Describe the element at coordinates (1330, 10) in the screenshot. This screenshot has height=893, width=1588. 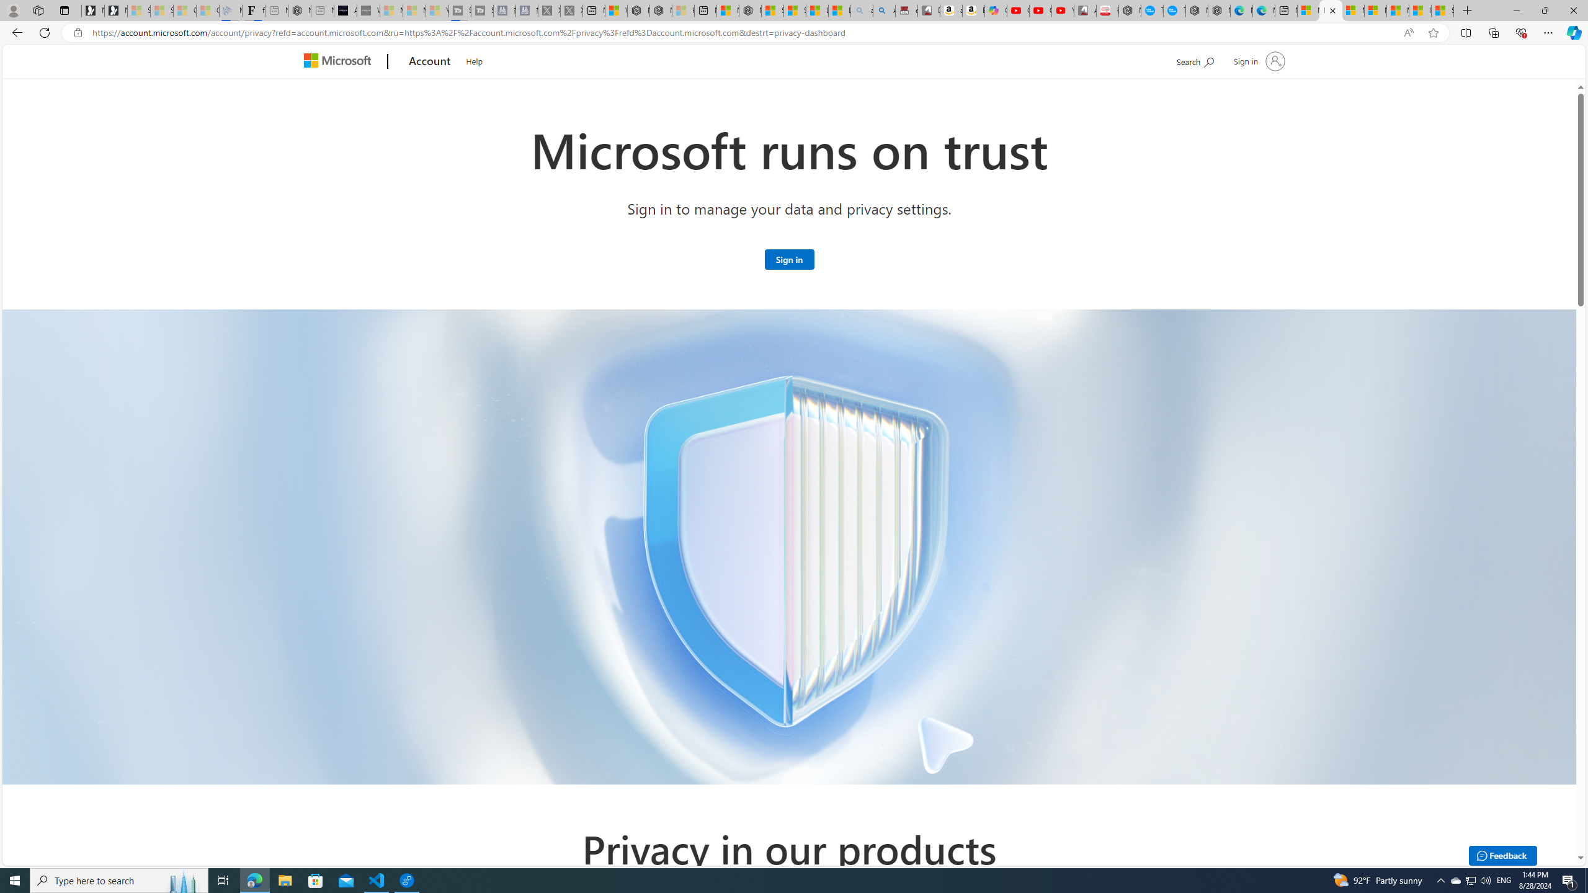
I see `'Microsoft account | Microsoft Account Privacy Settings'` at that location.